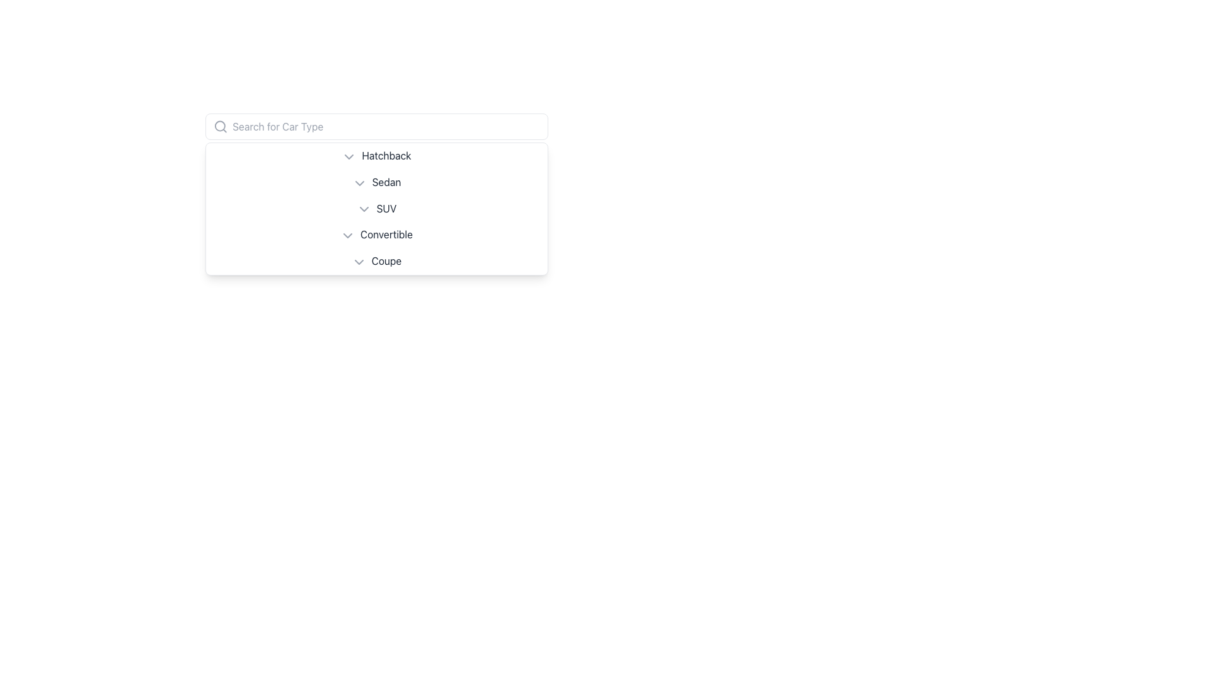 Image resolution: width=1210 pixels, height=681 pixels. I want to click on the list item labeled 'SUV' within the dropdown menu, so click(376, 208).